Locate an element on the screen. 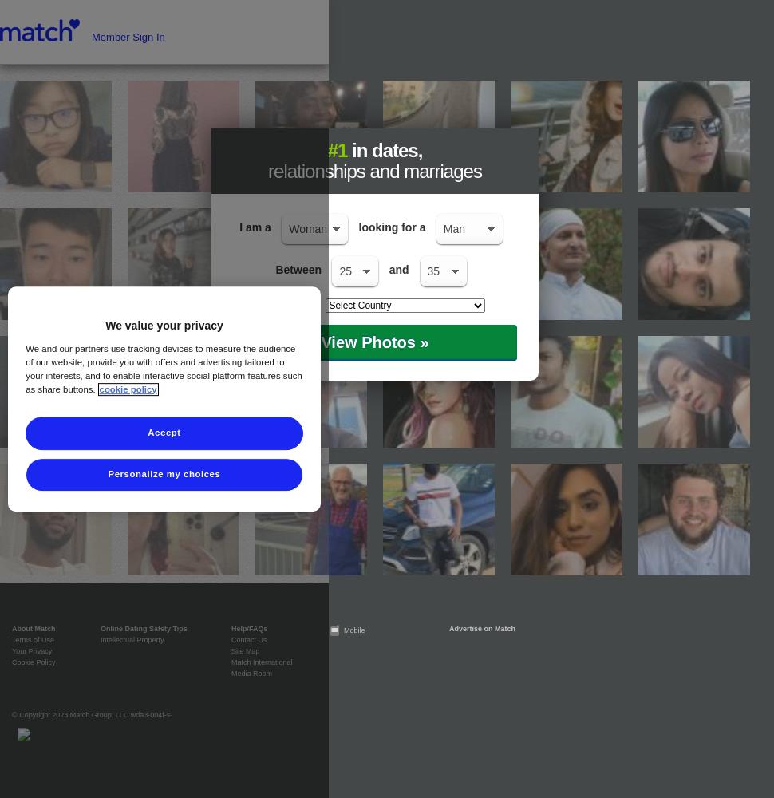  'Woman' is located at coordinates (306, 229).